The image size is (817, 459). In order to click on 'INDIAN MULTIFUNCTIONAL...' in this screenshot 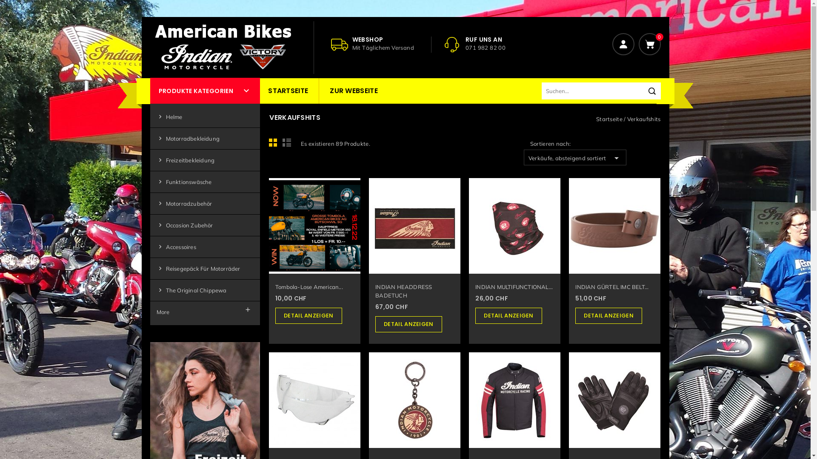, I will do `click(475, 287)`.